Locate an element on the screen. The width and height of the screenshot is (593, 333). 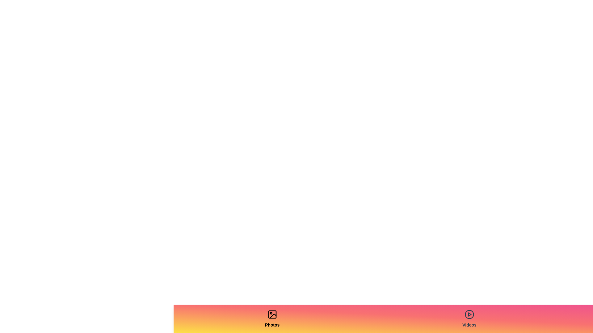
the Videos tab by clicking its corresponding button is located at coordinates (469, 319).